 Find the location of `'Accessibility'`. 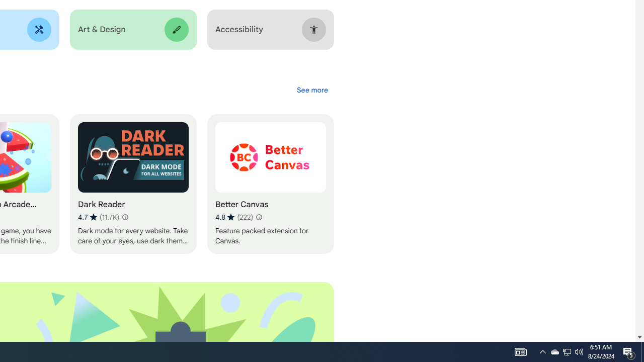

'Accessibility' is located at coordinates (270, 29).